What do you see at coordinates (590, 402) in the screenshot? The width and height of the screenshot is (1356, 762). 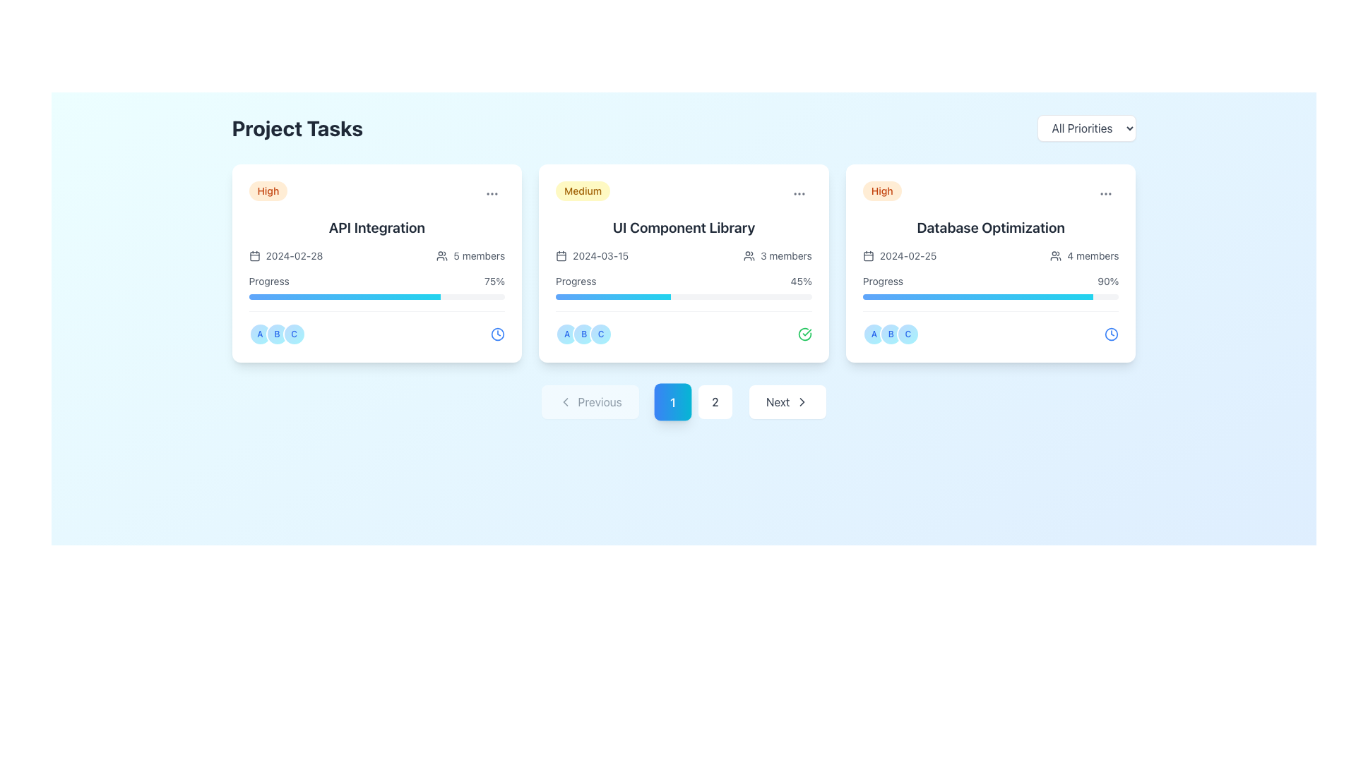 I see `the 'Previous' button located on the bottom left section of the page` at bounding box center [590, 402].